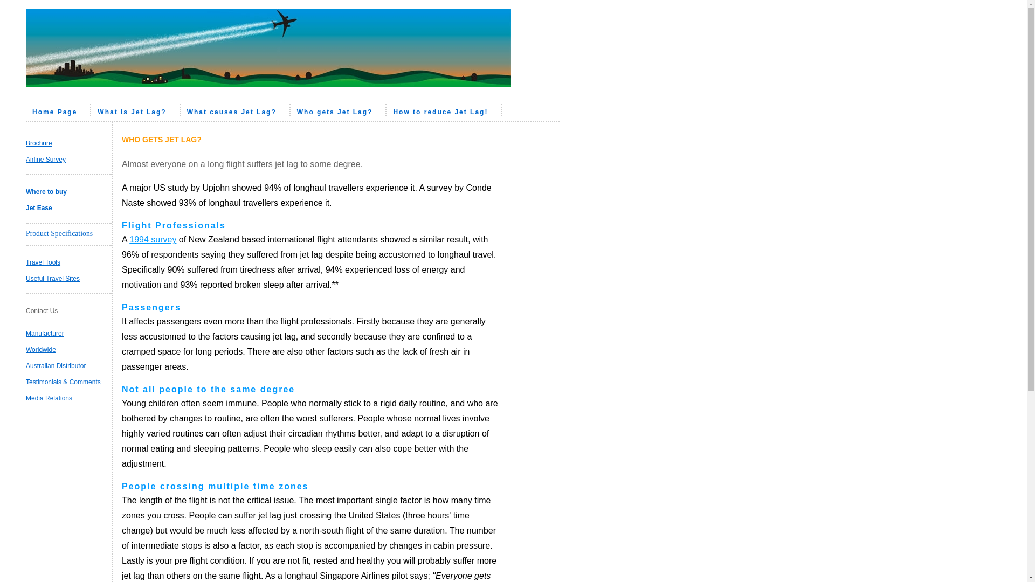 This screenshot has width=1035, height=582. Describe the element at coordinates (444, 110) in the screenshot. I see `'How to reduce Jet Lag!'` at that location.